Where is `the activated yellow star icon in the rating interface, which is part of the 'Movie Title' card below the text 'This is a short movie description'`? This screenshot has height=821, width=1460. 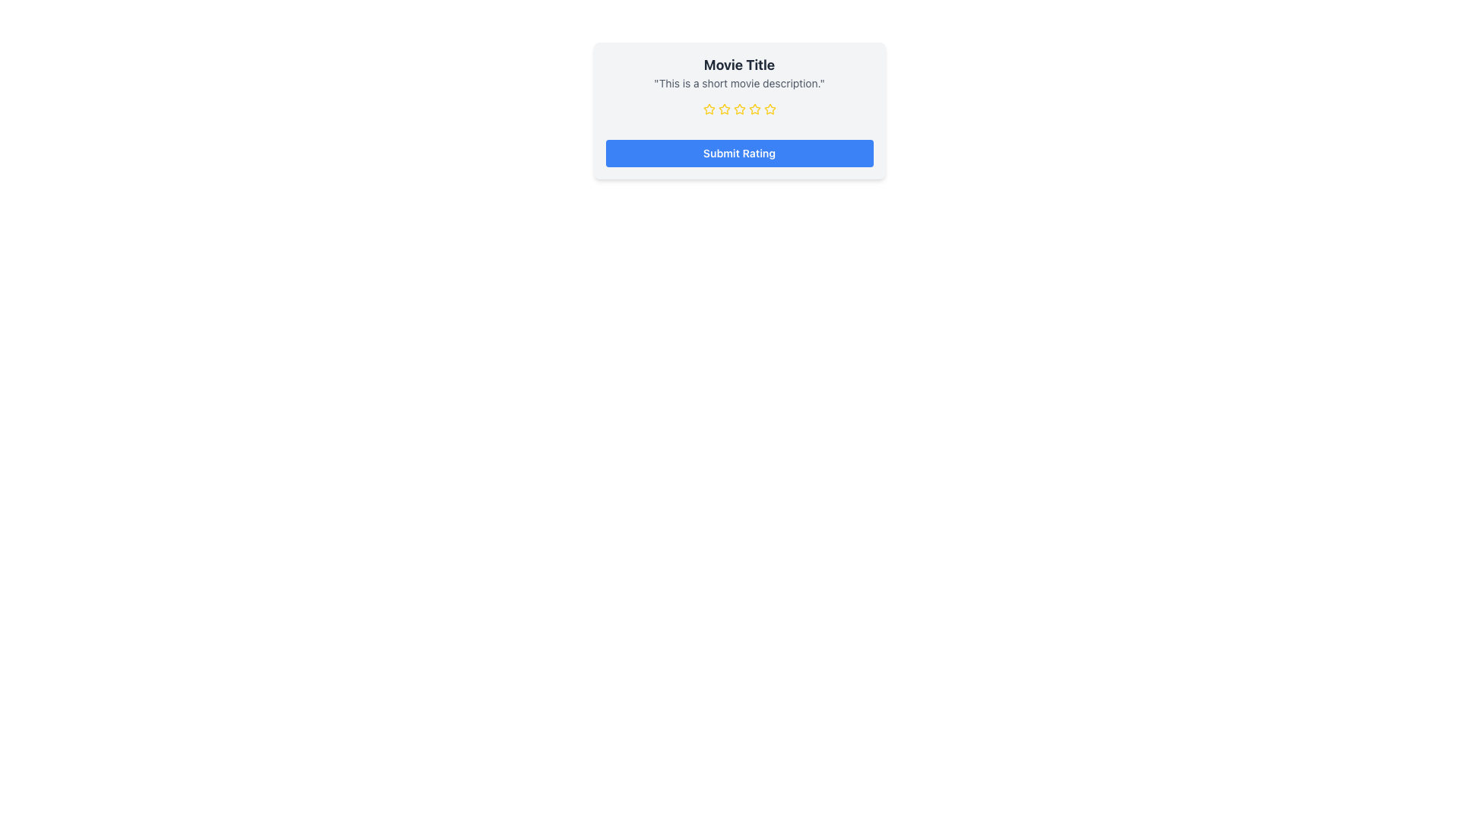
the activated yellow star icon in the rating interface, which is part of the 'Movie Title' card below the text 'This is a short movie description' is located at coordinates (739, 110).